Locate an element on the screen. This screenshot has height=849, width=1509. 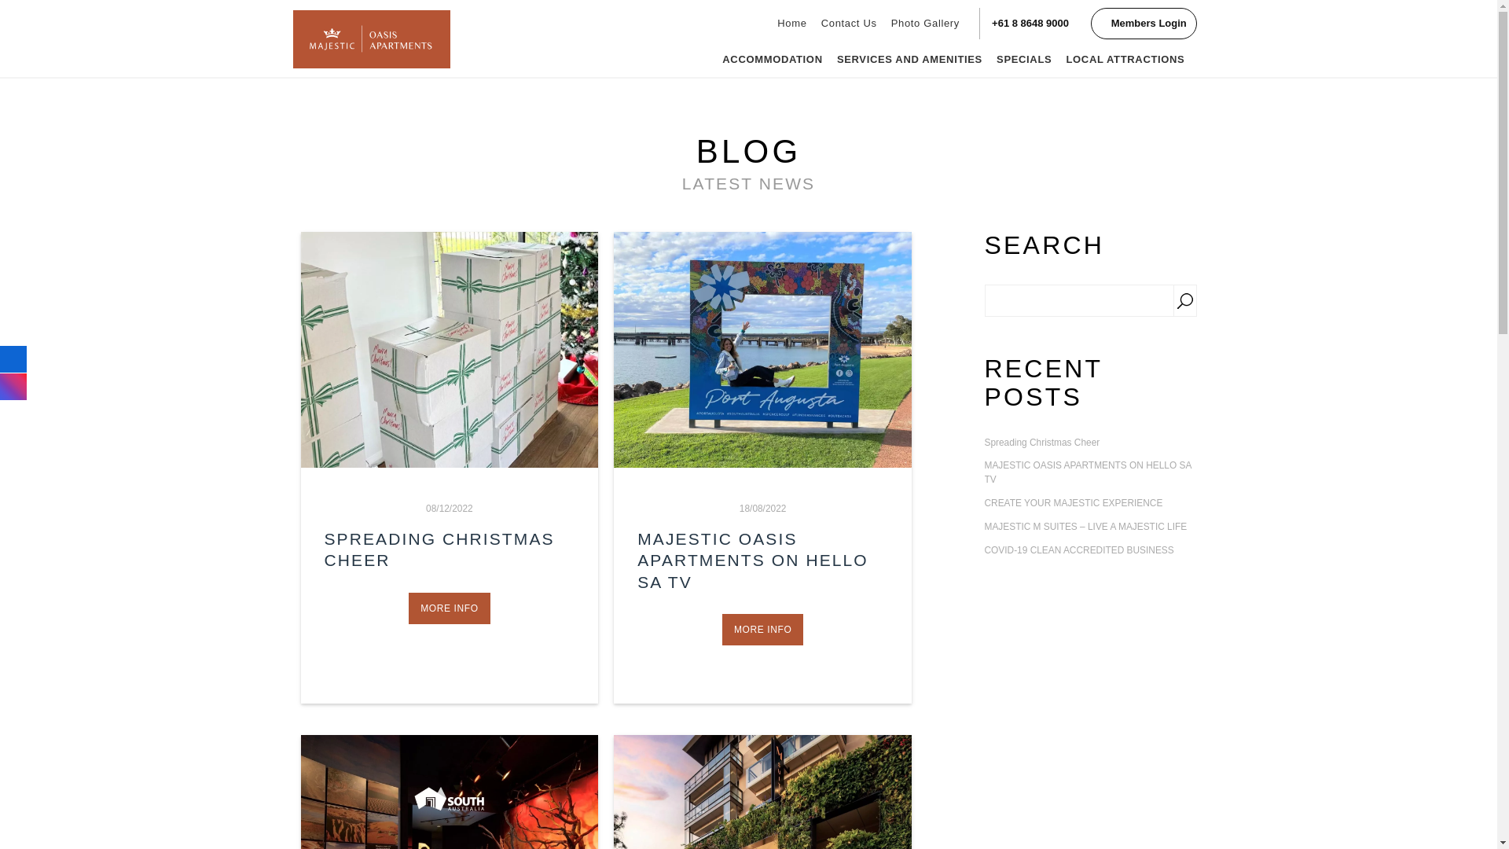
'SERVICES AND AMENITIES' is located at coordinates (909, 59).